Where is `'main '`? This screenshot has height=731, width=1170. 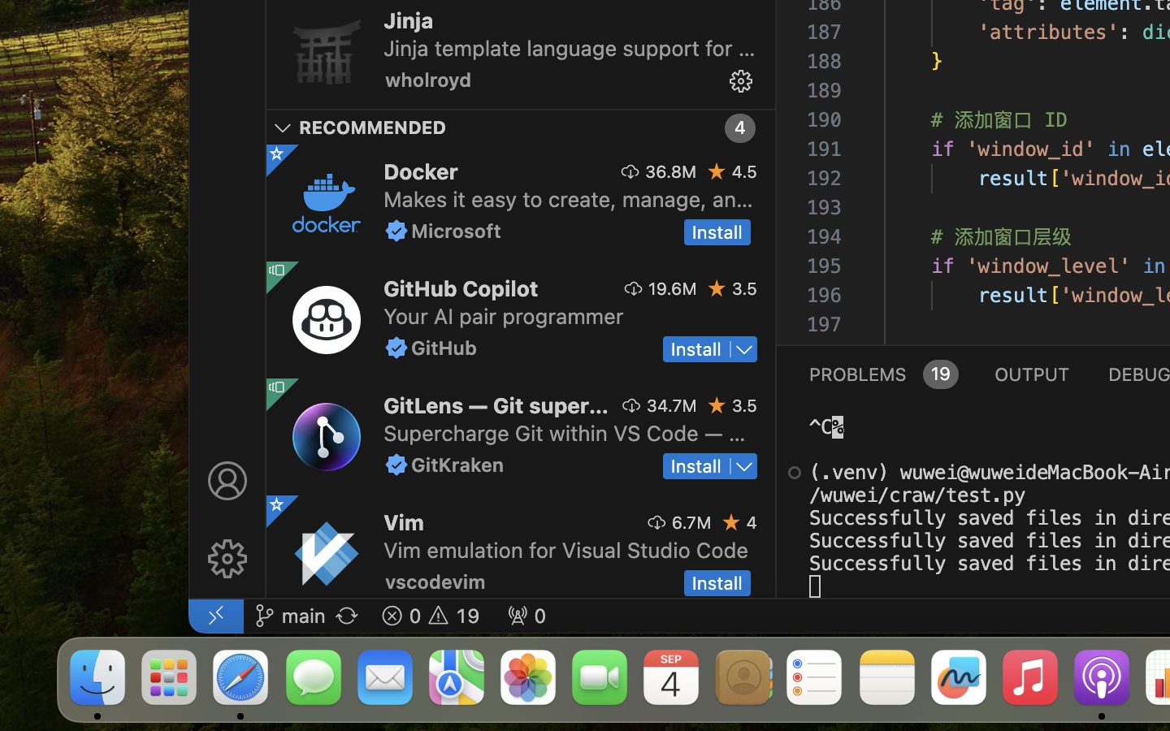 'main ' is located at coordinates (289, 614).